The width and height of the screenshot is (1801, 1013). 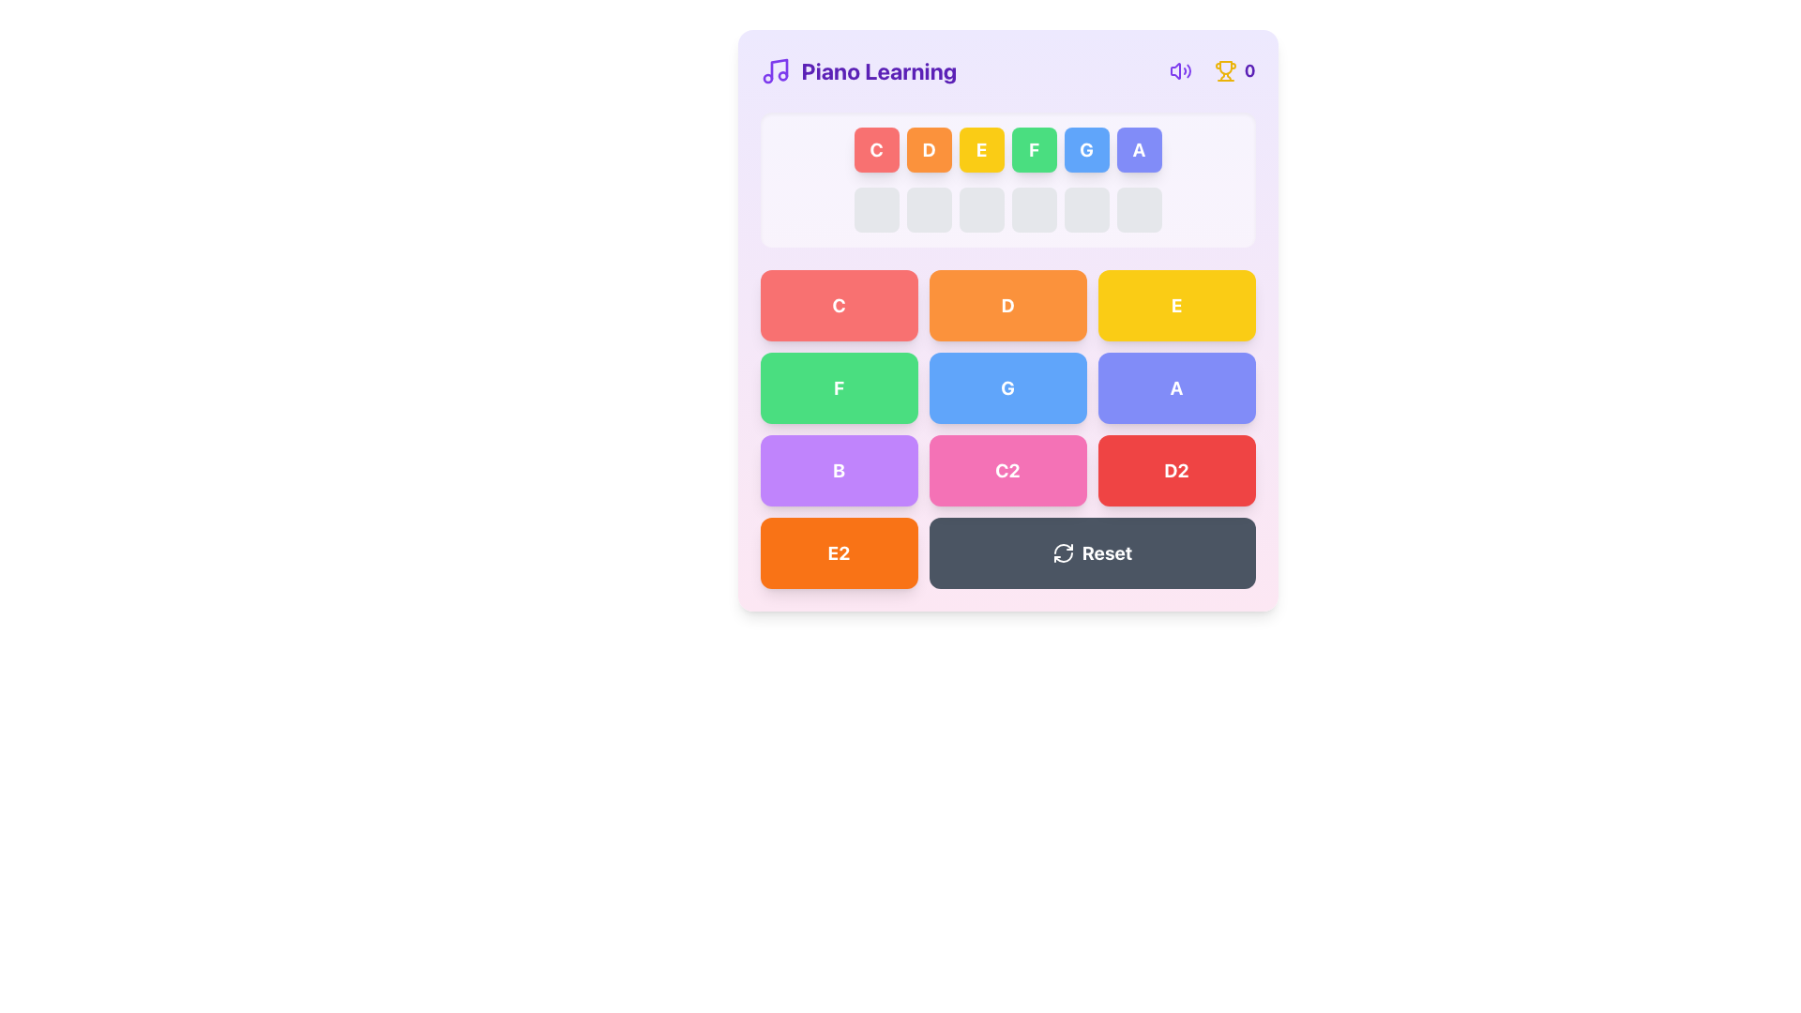 I want to click on the first square button with a gray background and rounded corners located on the left side of a row of six identical buttons, so click(x=875, y=209).